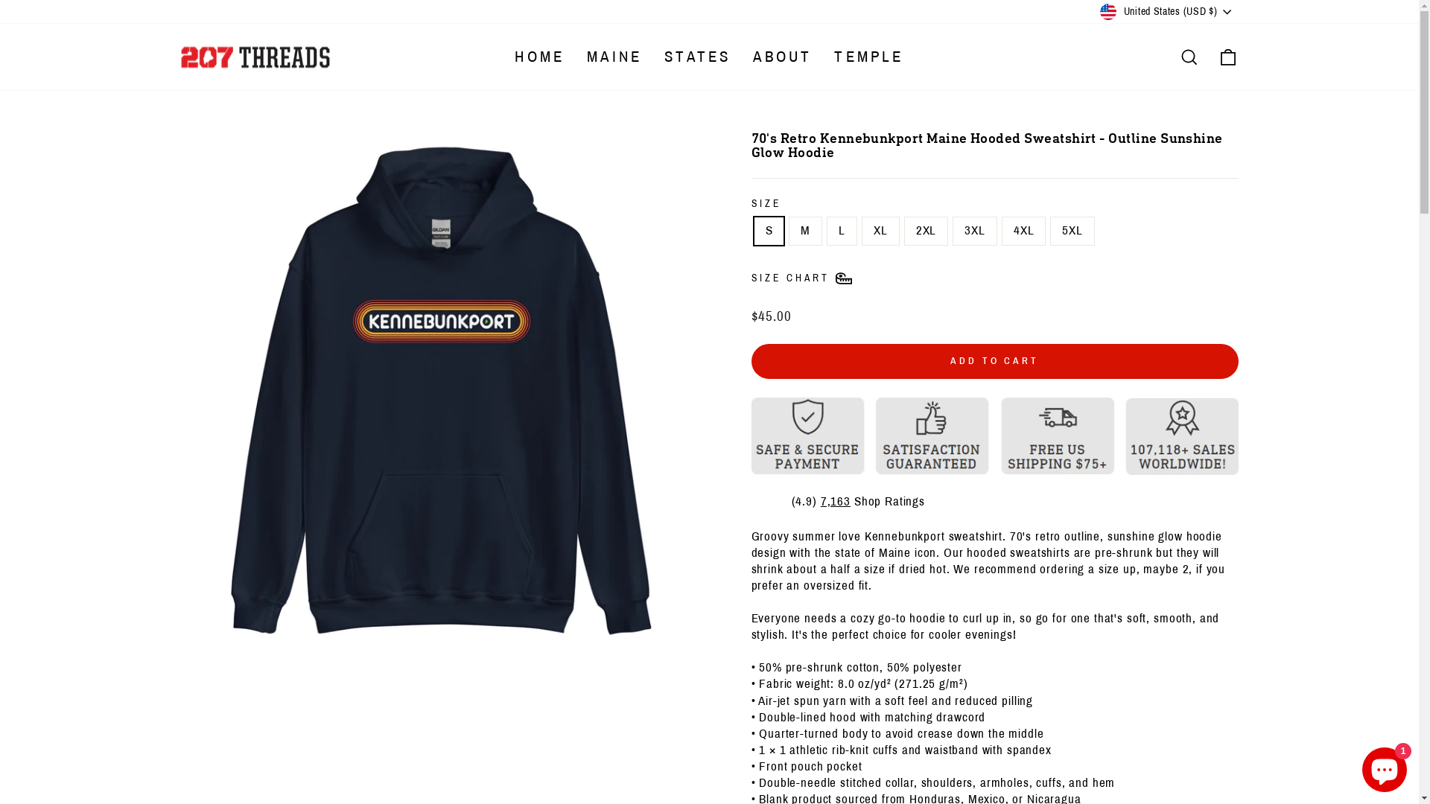  What do you see at coordinates (614, 57) in the screenshot?
I see `'MAINE'` at bounding box center [614, 57].